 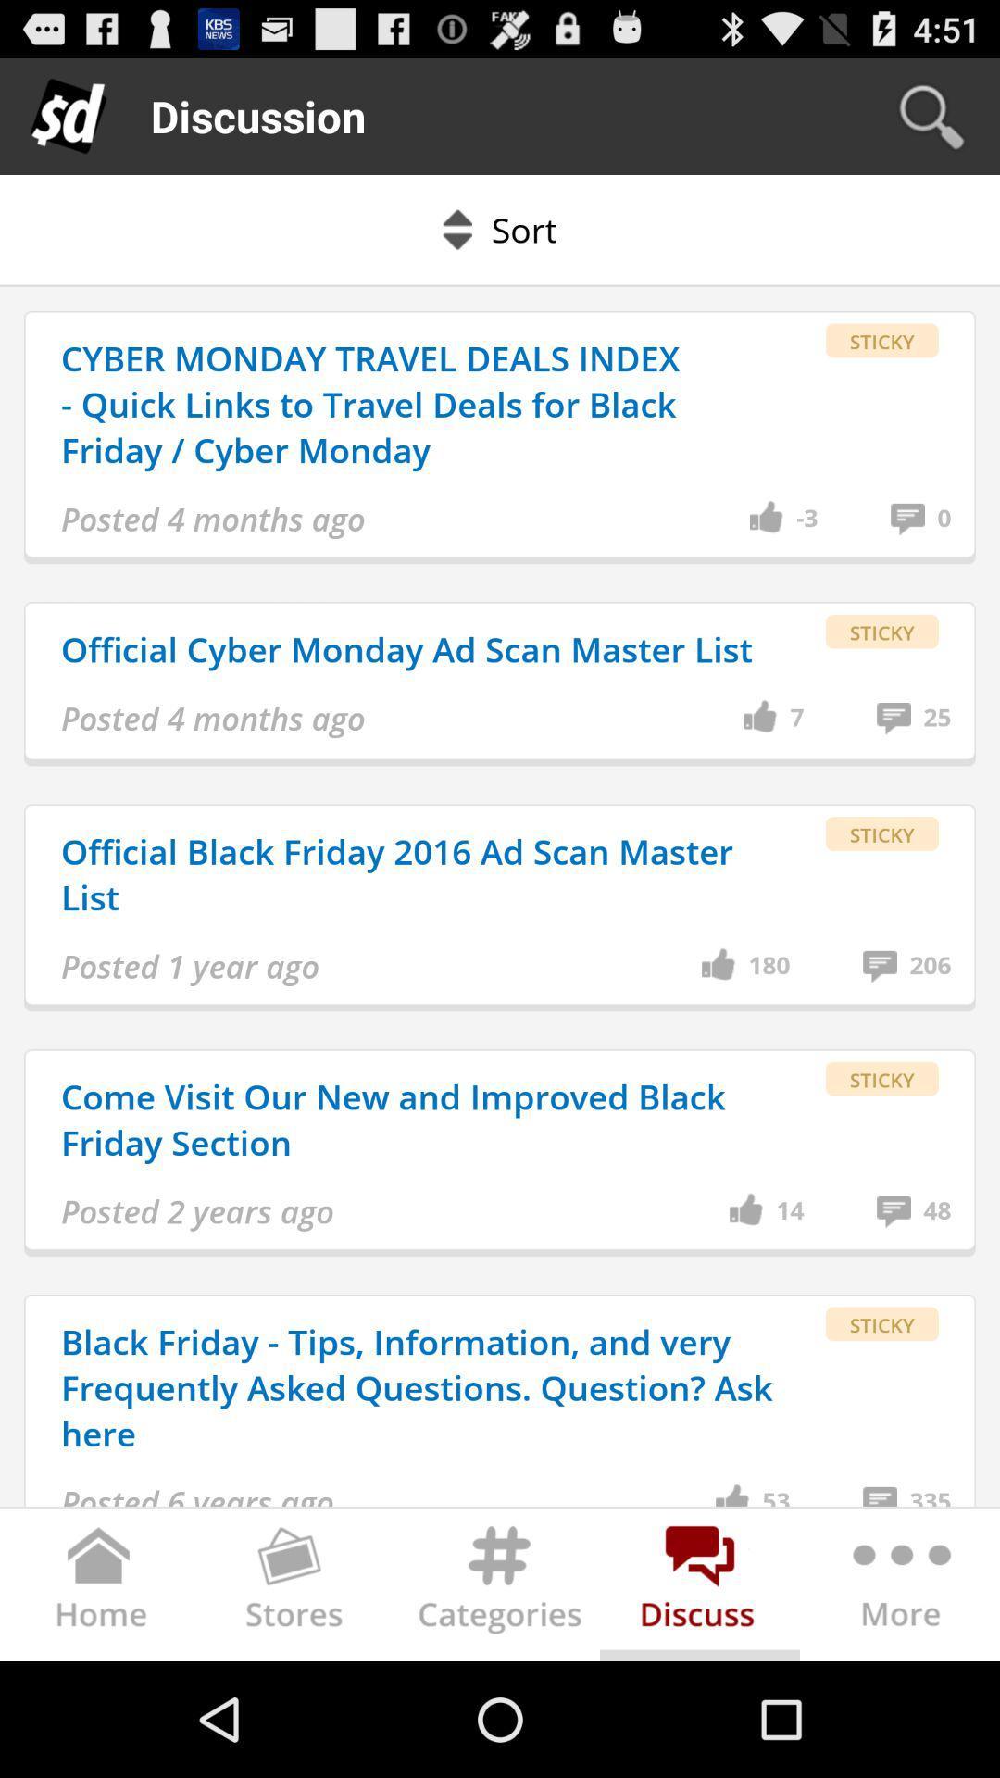 What do you see at coordinates (700, 1588) in the screenshot?
I see `this enable the discuss options for chat` at bounding box center [700, 1588].